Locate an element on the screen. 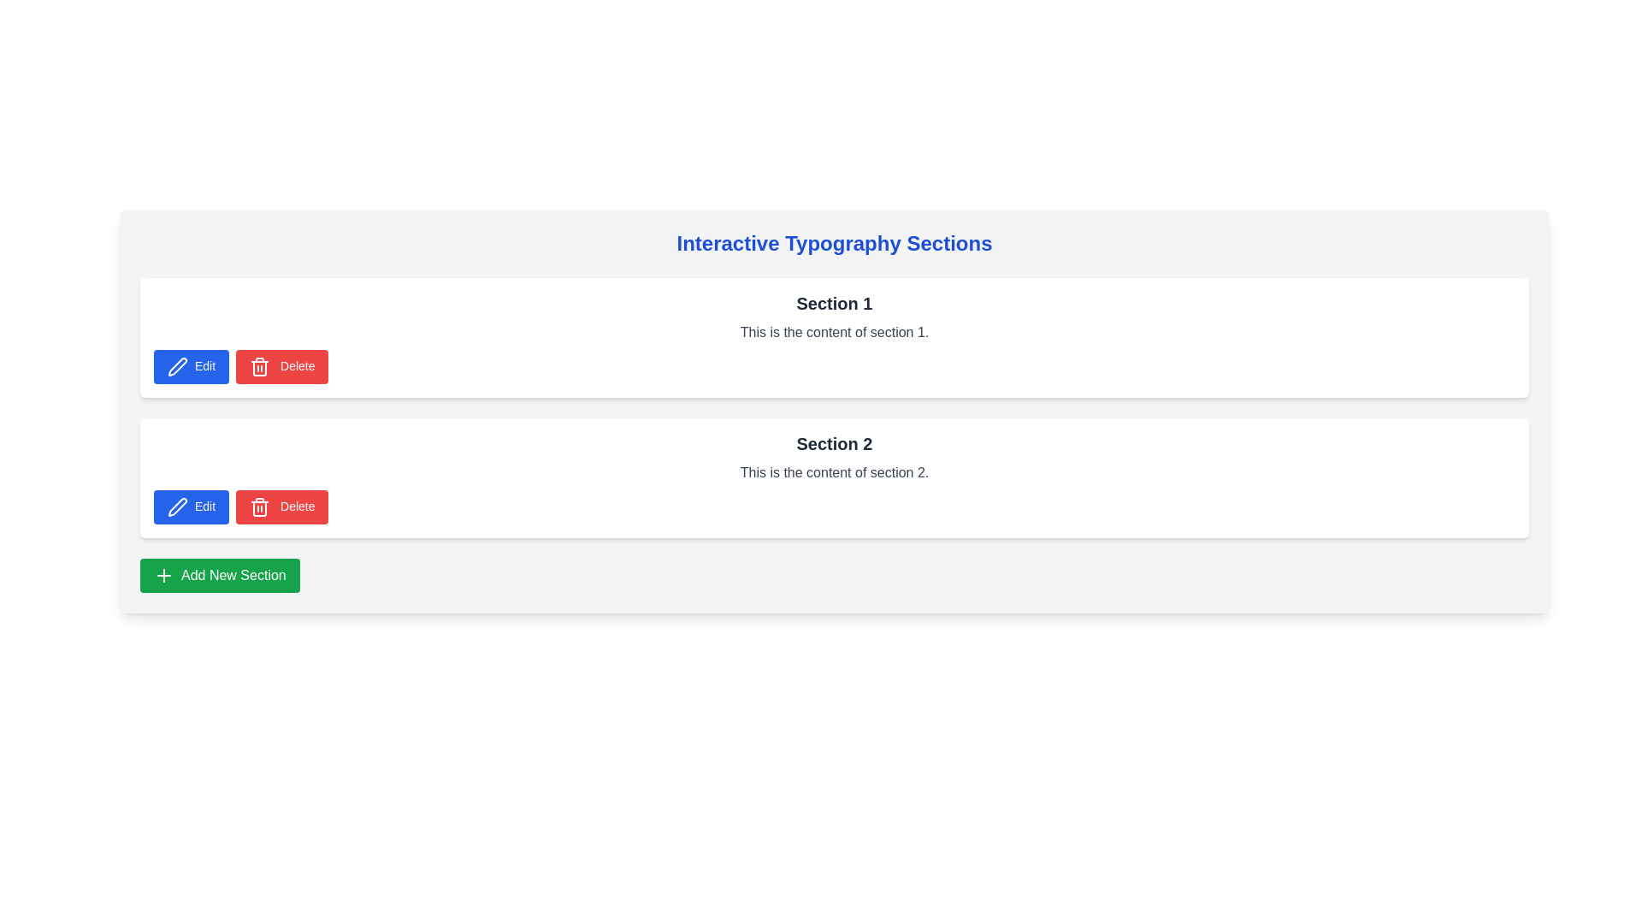 Image resolution: width=1642 pixels, height=924 pixels. the text content displaying 'This is the content of section 2.' which is located below the title 'Section 2' and above the buttons labeled 'Edit' and 'Delete' is located at coordinates (834, 472).